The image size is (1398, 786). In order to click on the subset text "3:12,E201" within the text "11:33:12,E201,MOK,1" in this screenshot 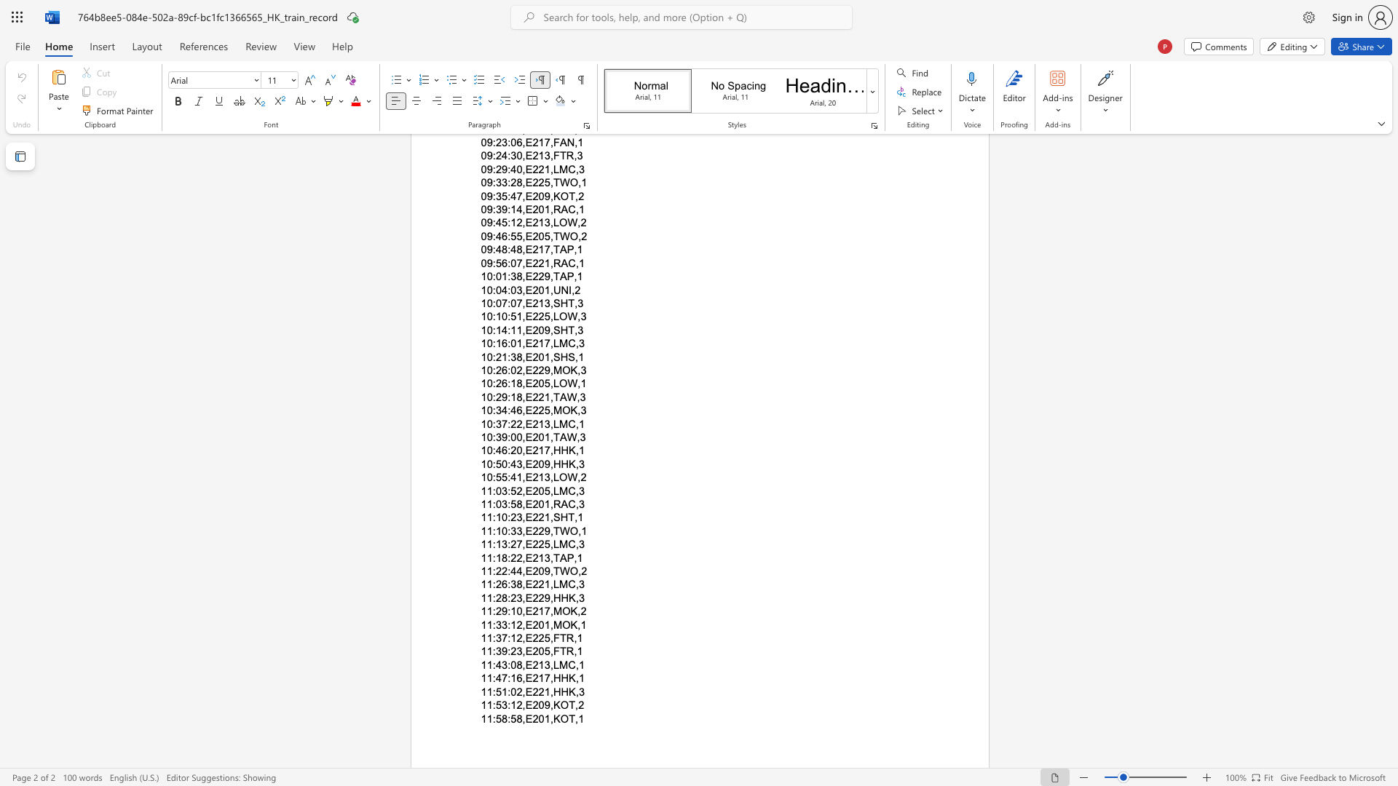, I will do `click(502, 624)`.